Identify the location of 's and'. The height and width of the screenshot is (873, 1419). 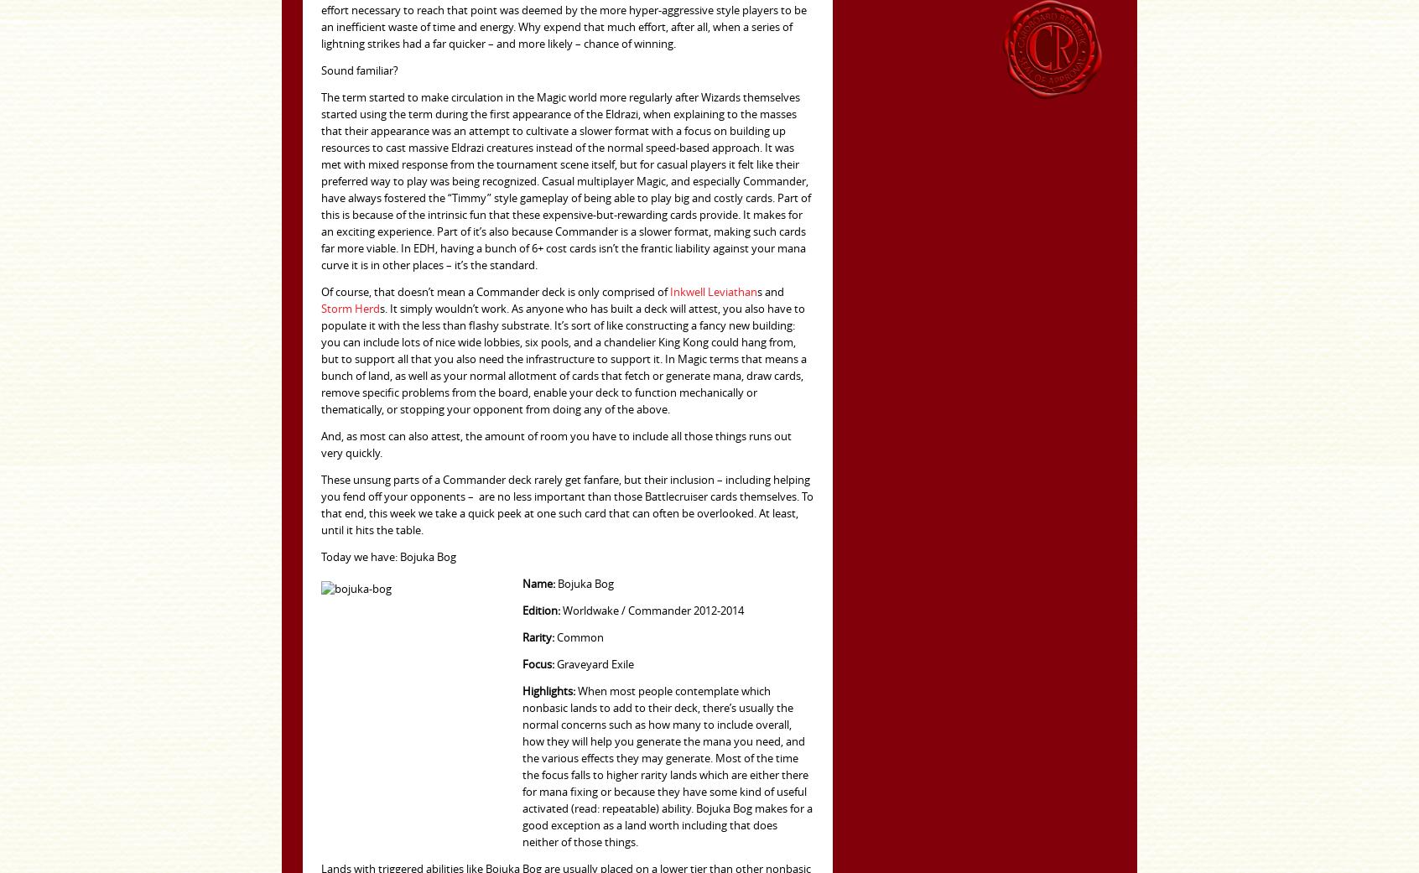
(756, 292).